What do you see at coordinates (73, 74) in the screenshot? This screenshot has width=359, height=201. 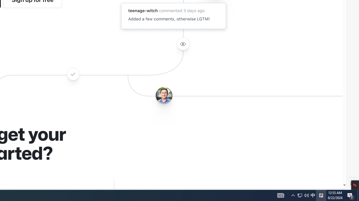 I see `'Class: color-fg-muted width-full'` at bounding box center [73, 74].